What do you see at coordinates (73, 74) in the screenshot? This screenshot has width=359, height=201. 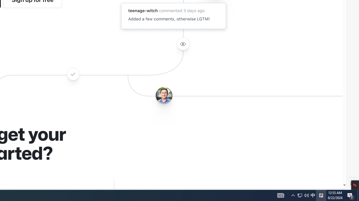 I see `'Class: color-fg-muted width-full'` at bounding box center [73, 74].